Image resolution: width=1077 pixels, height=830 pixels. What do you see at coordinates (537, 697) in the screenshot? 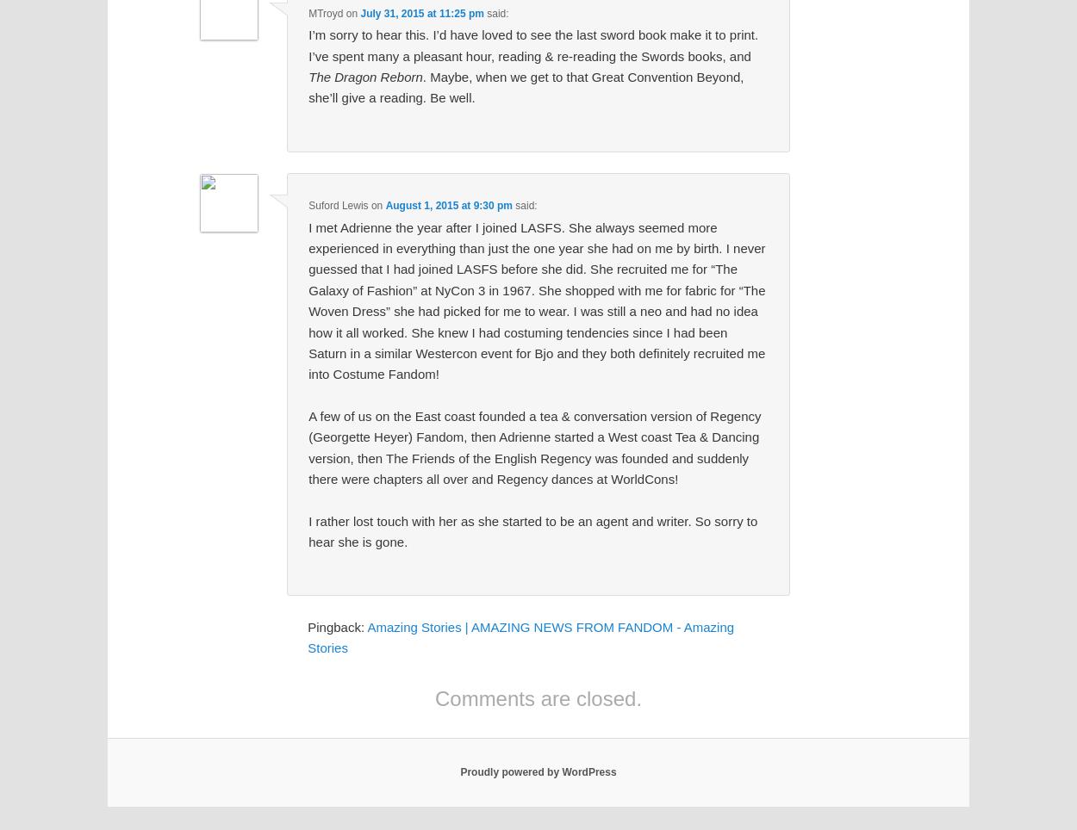
I see `'Comments are closed.'` at bounding box center [537, 697].